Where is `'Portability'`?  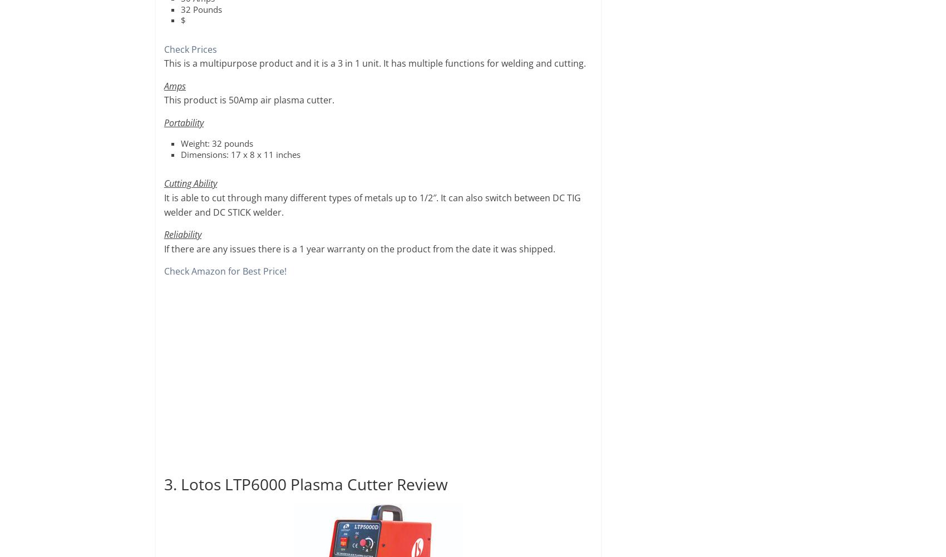
'Portability' is located at coordinates (183, 122).